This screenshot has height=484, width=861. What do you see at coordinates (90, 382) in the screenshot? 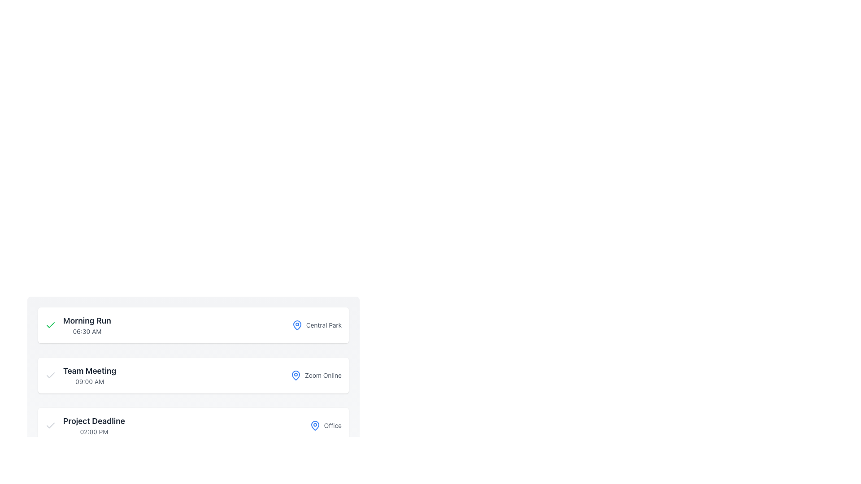
I see `the TextLabel that indicates the scheduled time of the 'Team Meeting' event, which is positioned below the title text and aligned towards the center of the entry` at bounding box center [90, 382].